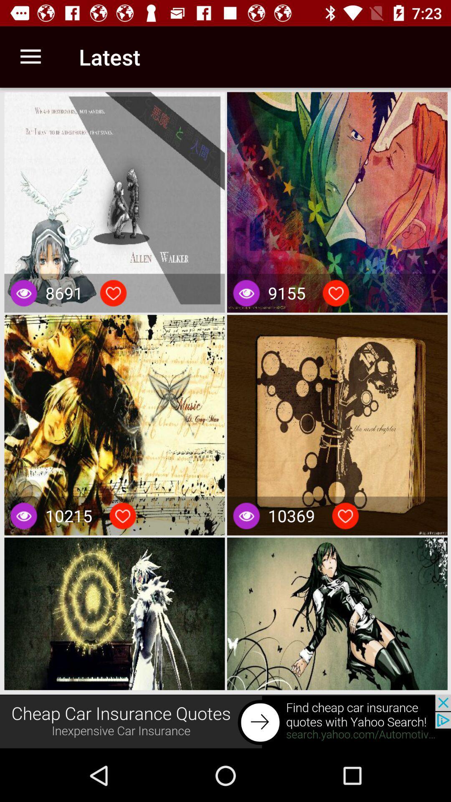  I want to click on like post, so click(335, 293).